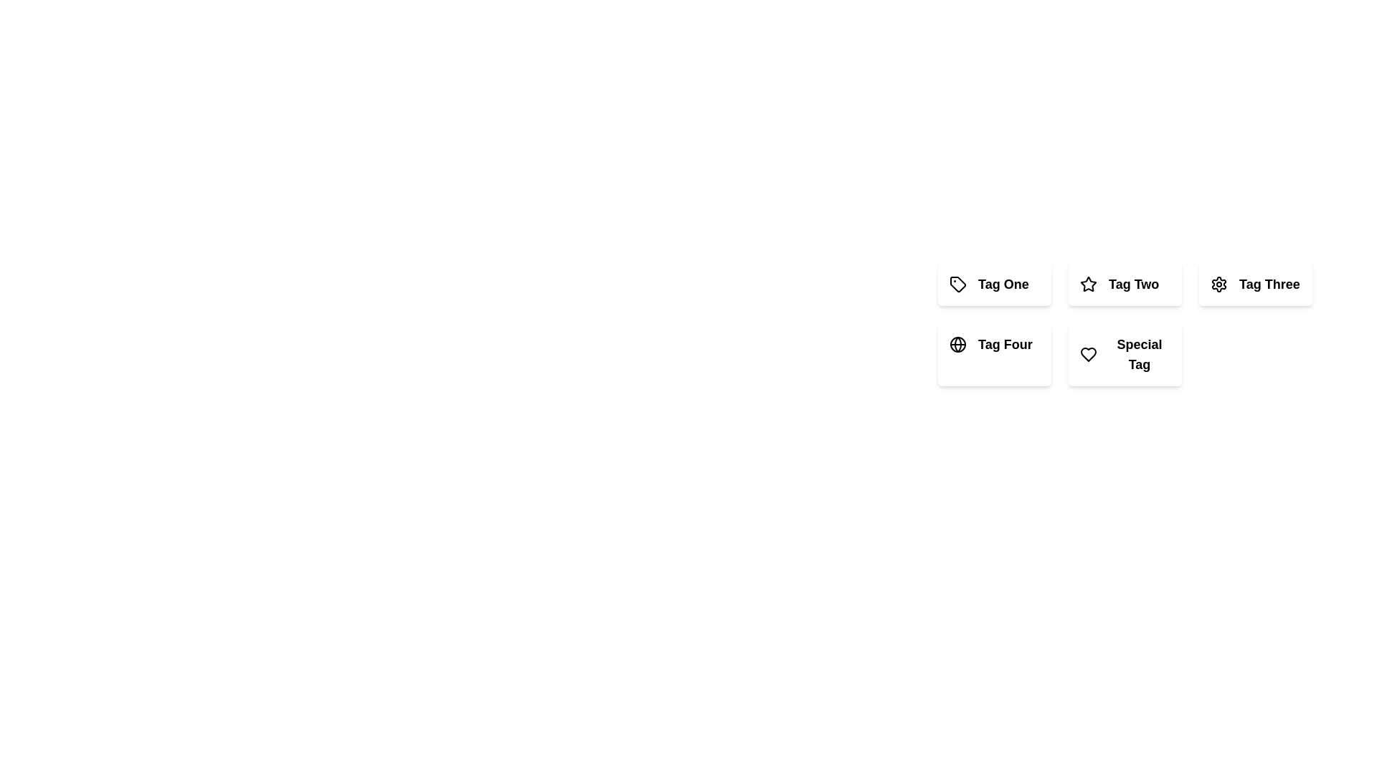 The width and height of the screenshot is (1377, 774). What do you see at coordinates (1125, 354) in the screenshot?
I see `the label with icon located in the lower center of the five-element grid layout` at bounding box center [1125, 354].